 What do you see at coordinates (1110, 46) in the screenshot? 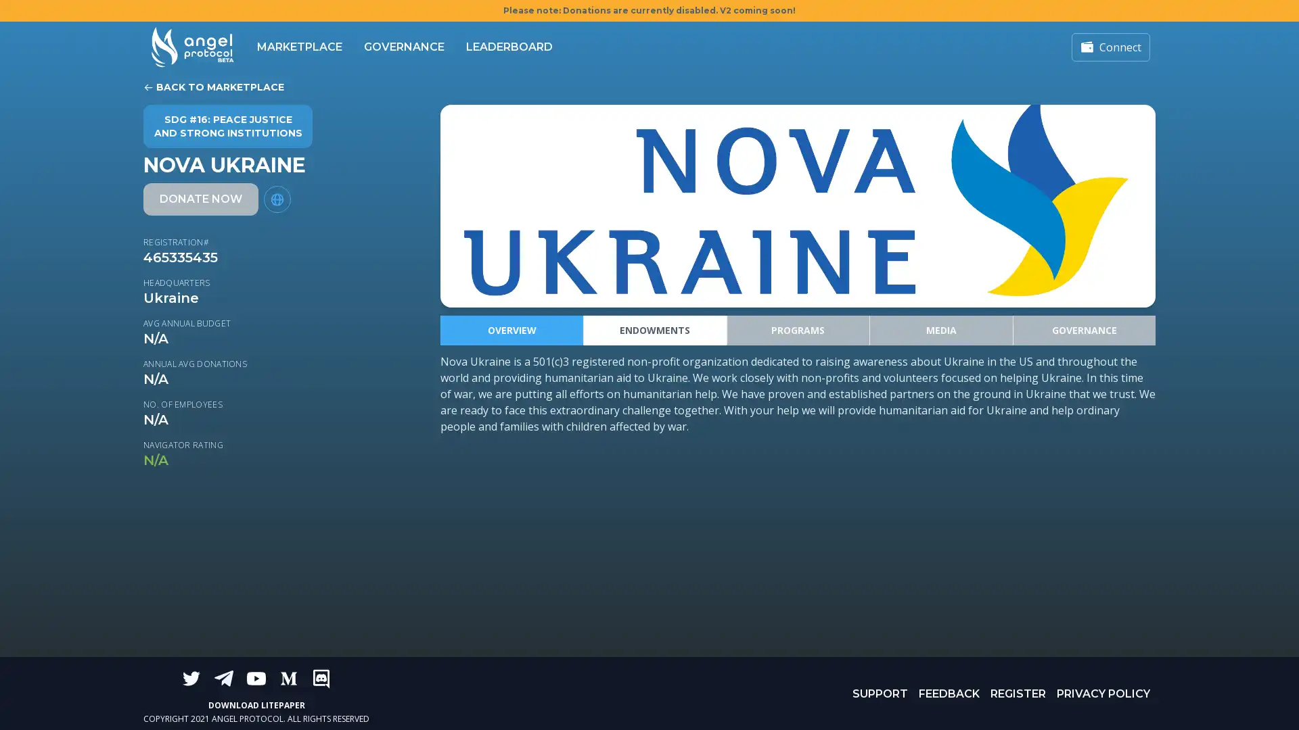
I see `Connect` at bounding box center [1110, 46].